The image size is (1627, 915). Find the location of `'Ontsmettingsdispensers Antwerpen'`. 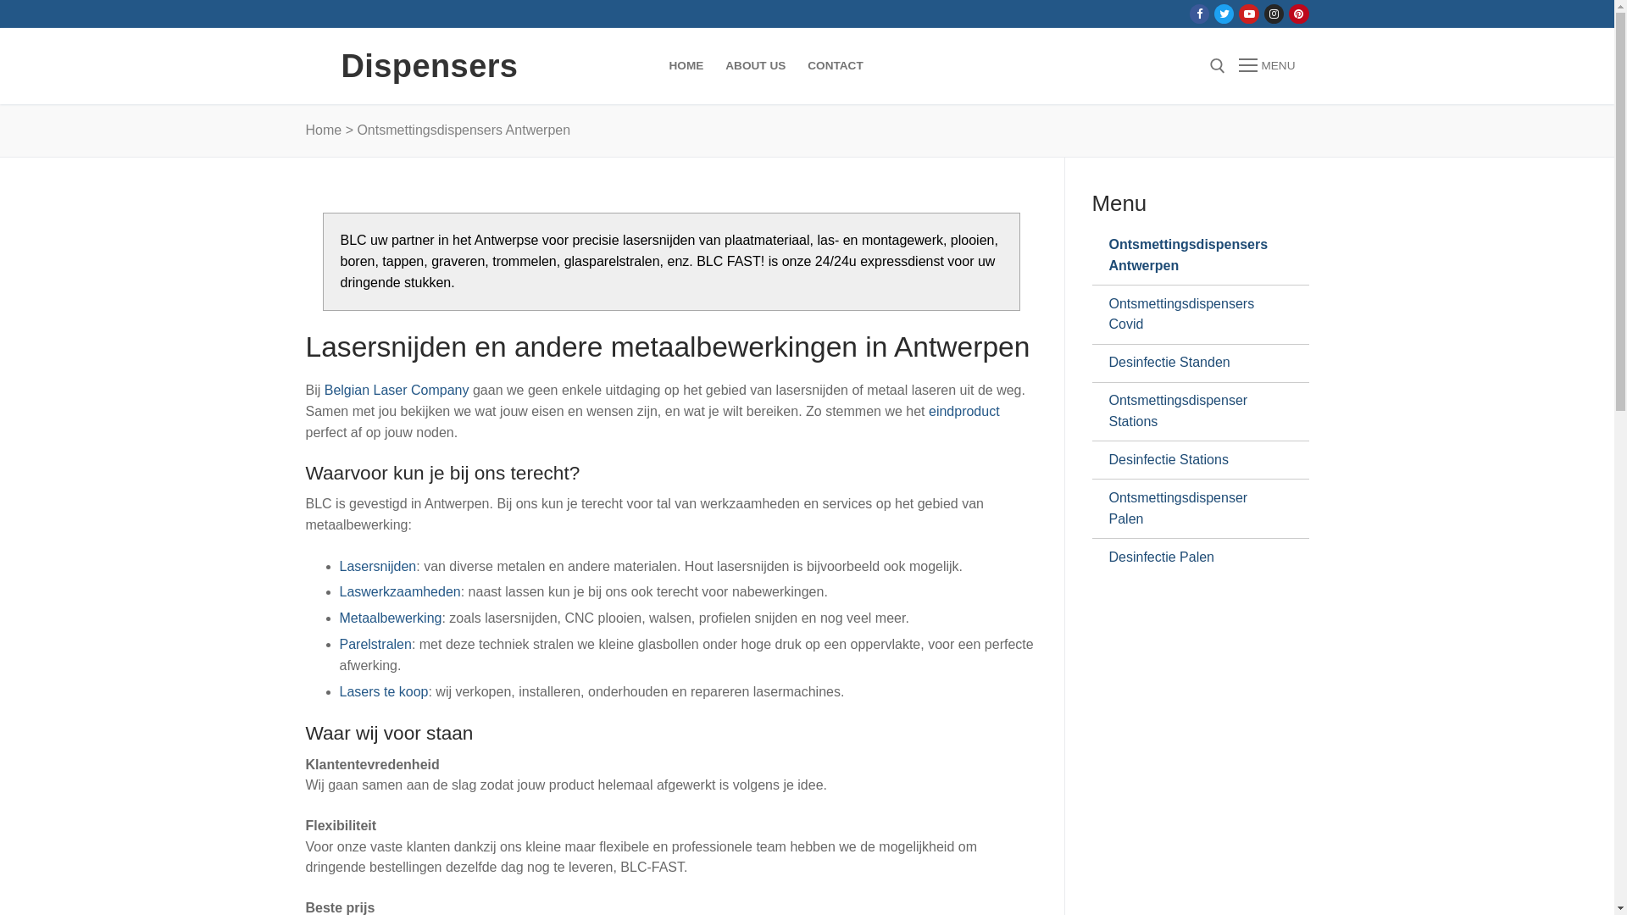

'Ontsmettingsdispensers Antwerpen' is located at coordinates (1191, 255).